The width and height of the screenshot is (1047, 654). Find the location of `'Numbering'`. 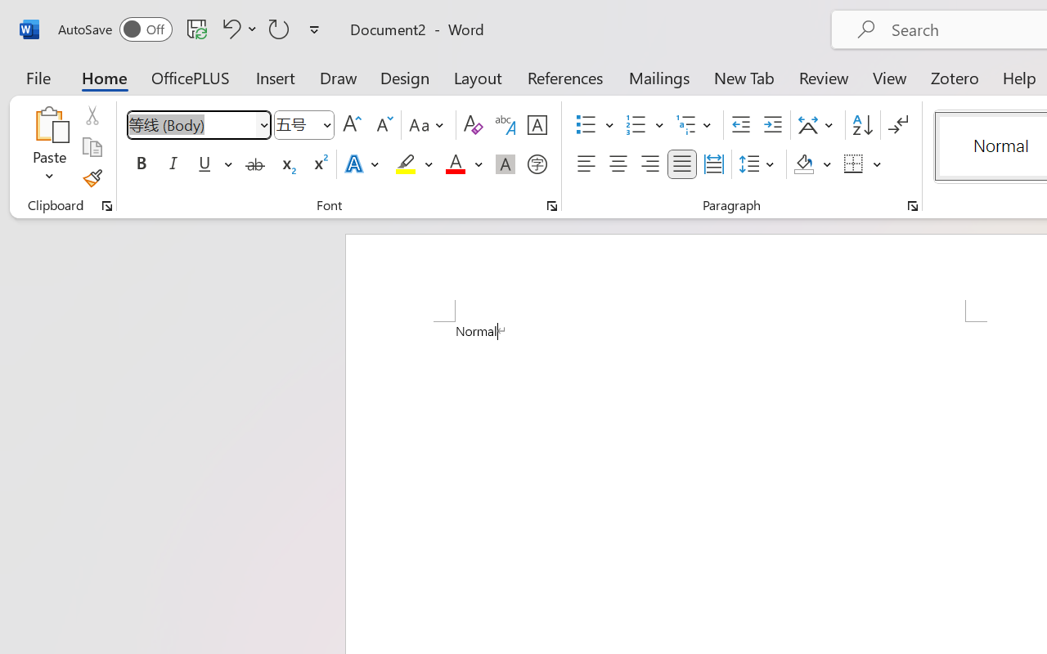

'Numbering' is located at coordinates (645, 125).